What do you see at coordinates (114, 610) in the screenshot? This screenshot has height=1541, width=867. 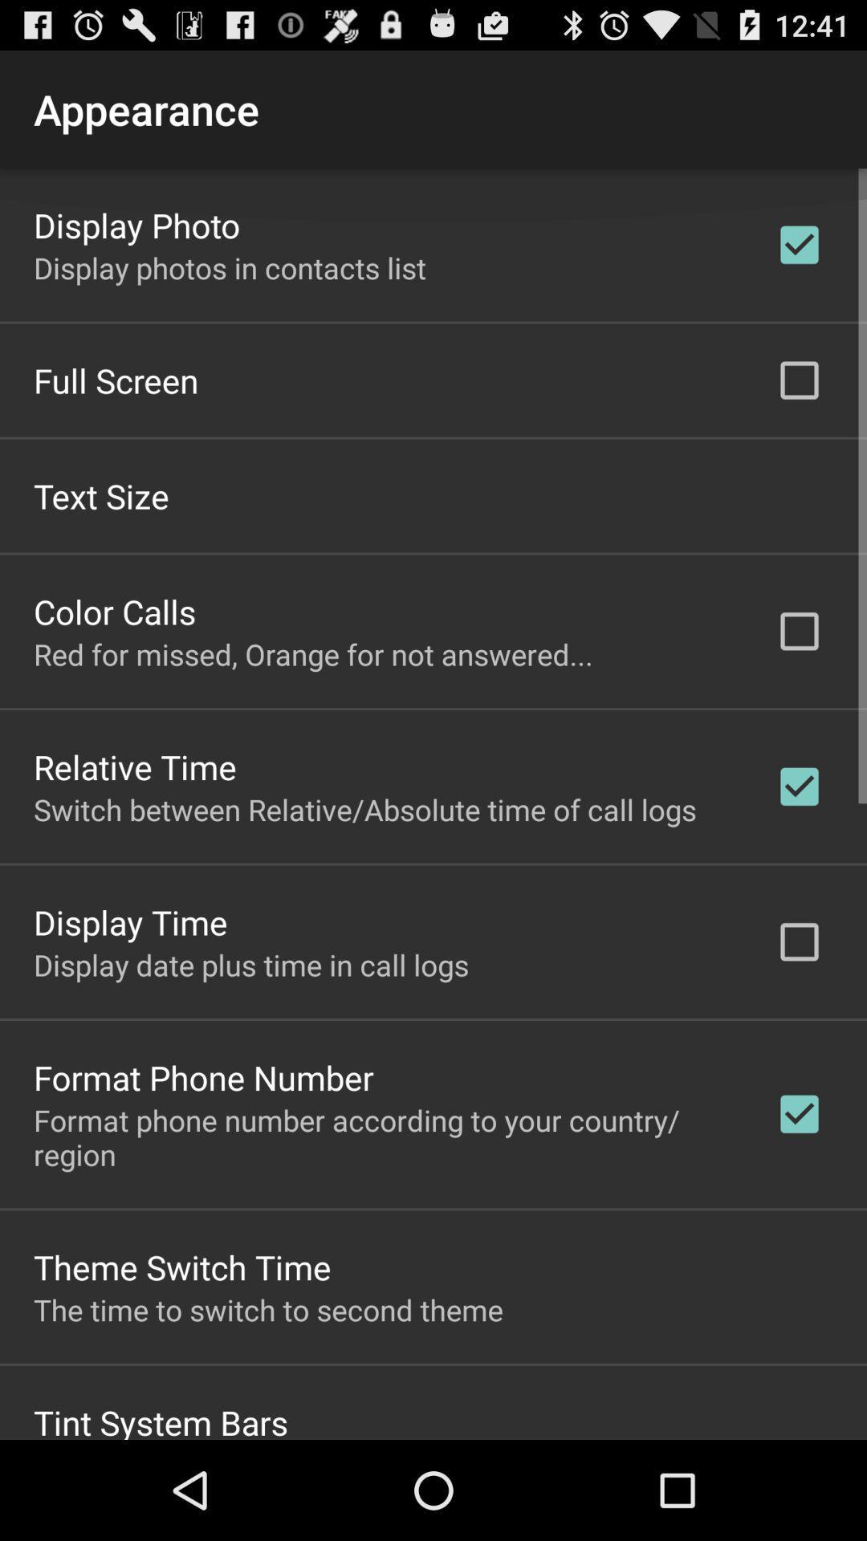 I see `the icon above the red for missed app` at bounding box center [114, 610].